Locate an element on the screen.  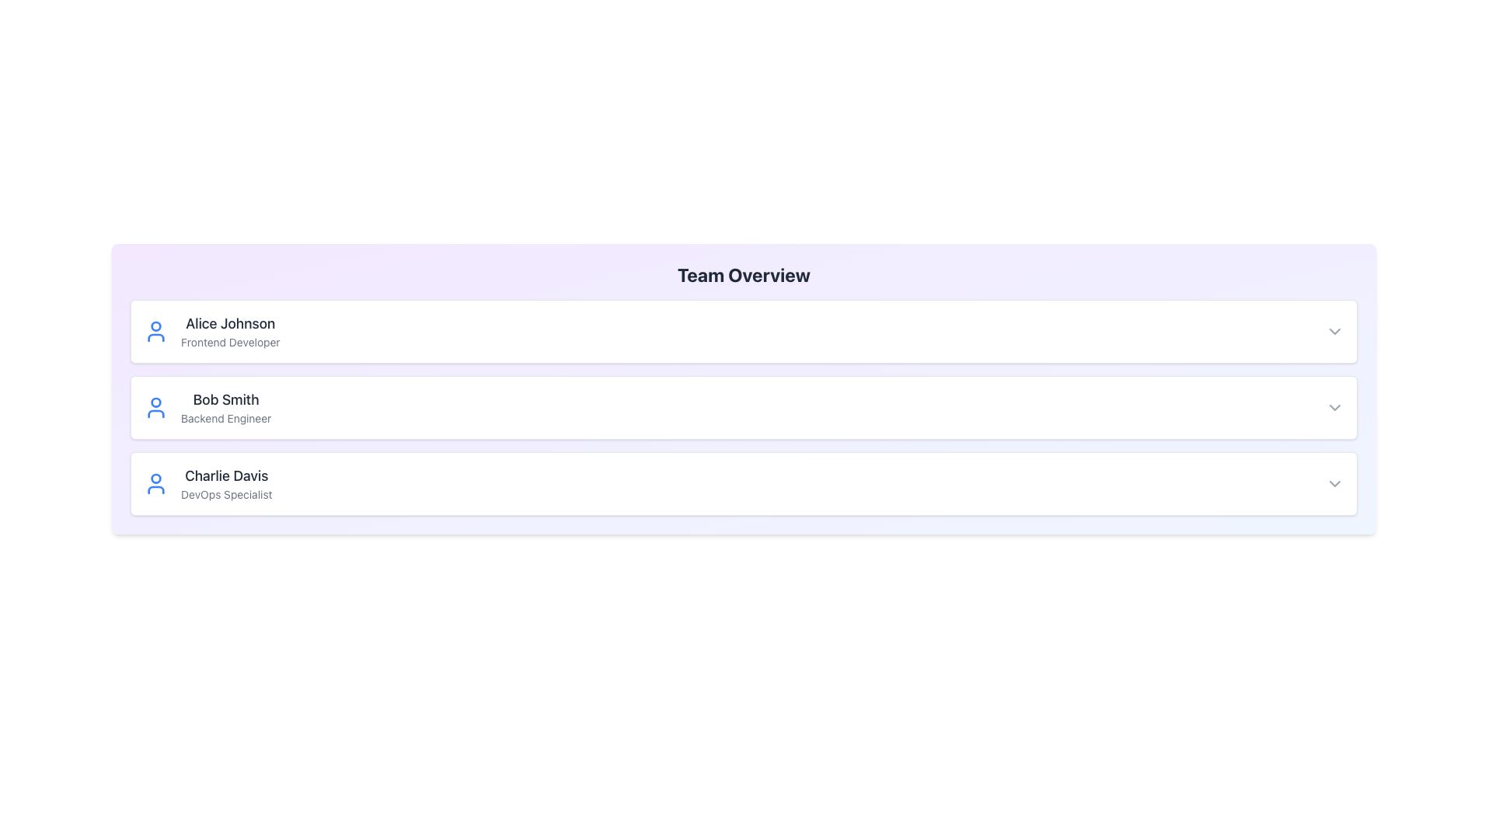
the chevron-down icon on the rightmost side of the row associated with 'Alice Johnson, Frontend Developer' is located at coordinates (1334, 331).